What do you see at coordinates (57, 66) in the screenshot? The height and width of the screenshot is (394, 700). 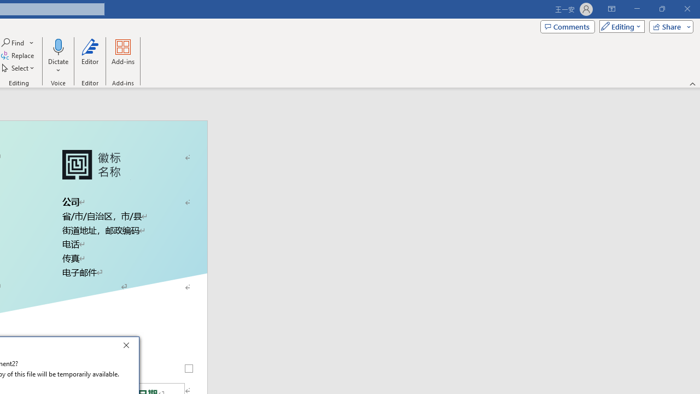 I see `'More Options'` at bounding box center [57, 66].